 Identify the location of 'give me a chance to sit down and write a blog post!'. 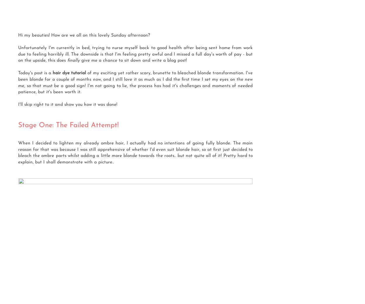
(134, 60).